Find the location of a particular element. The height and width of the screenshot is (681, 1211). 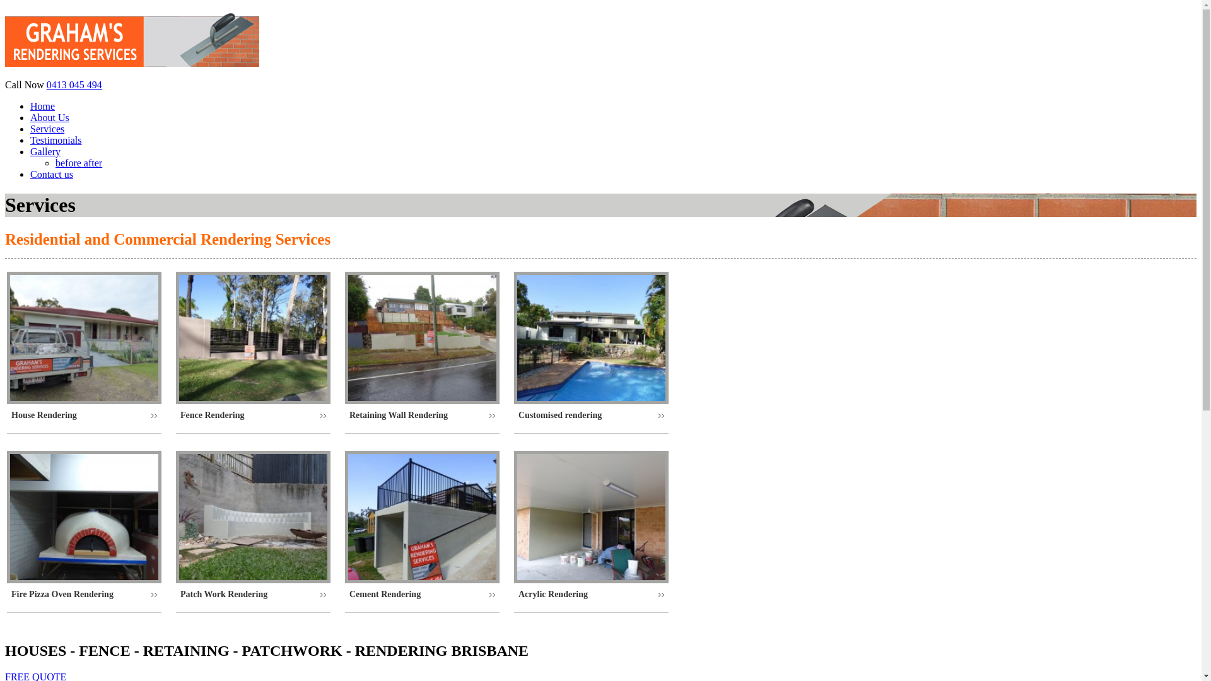

'Fire Pizza Oven Rendering' is located at coordinates (11, 594).